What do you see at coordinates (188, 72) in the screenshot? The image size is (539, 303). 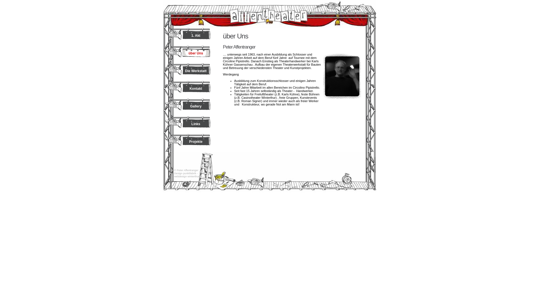 I see `'Die Werkstatt'` at bounding box center [188, 72].